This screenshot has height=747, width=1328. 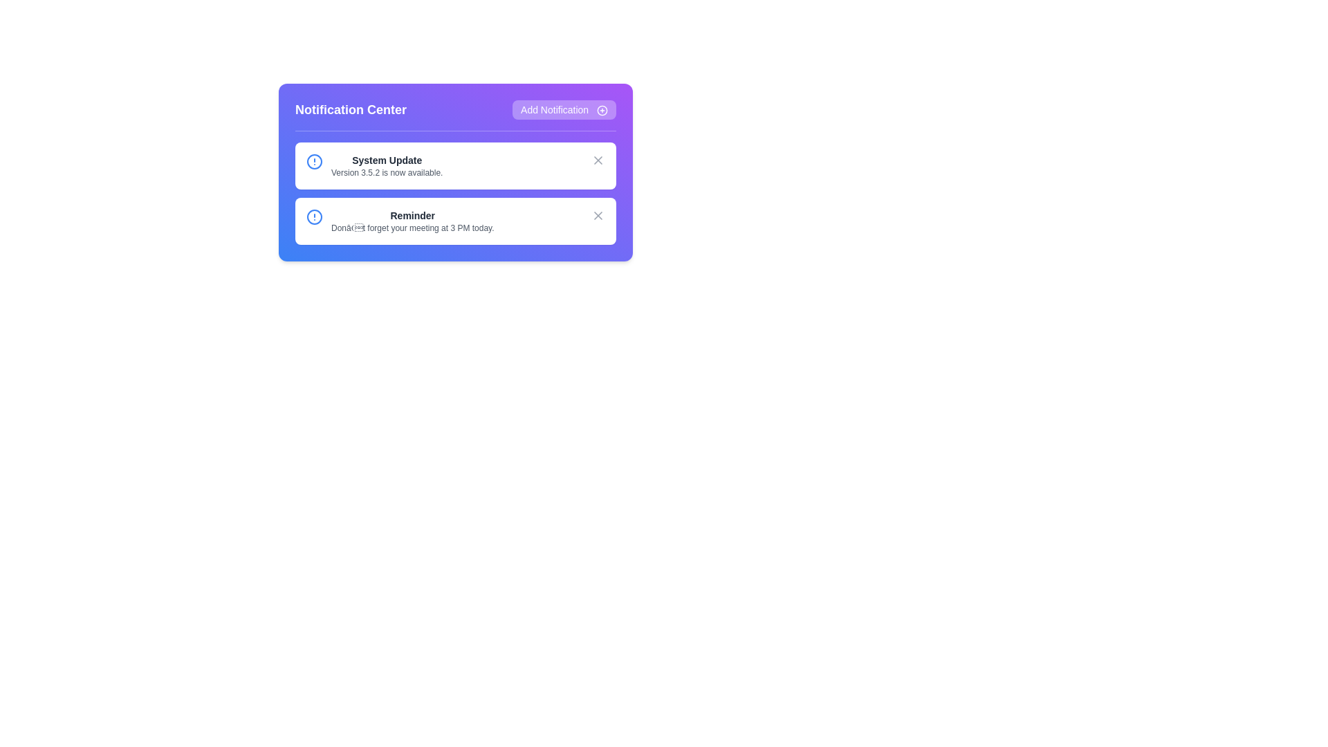 I want to click on the Text label providing additional details related to the 'Reminder' notification, which is located within the notification card below the title 'Reminder', so click(x=412, y=228).